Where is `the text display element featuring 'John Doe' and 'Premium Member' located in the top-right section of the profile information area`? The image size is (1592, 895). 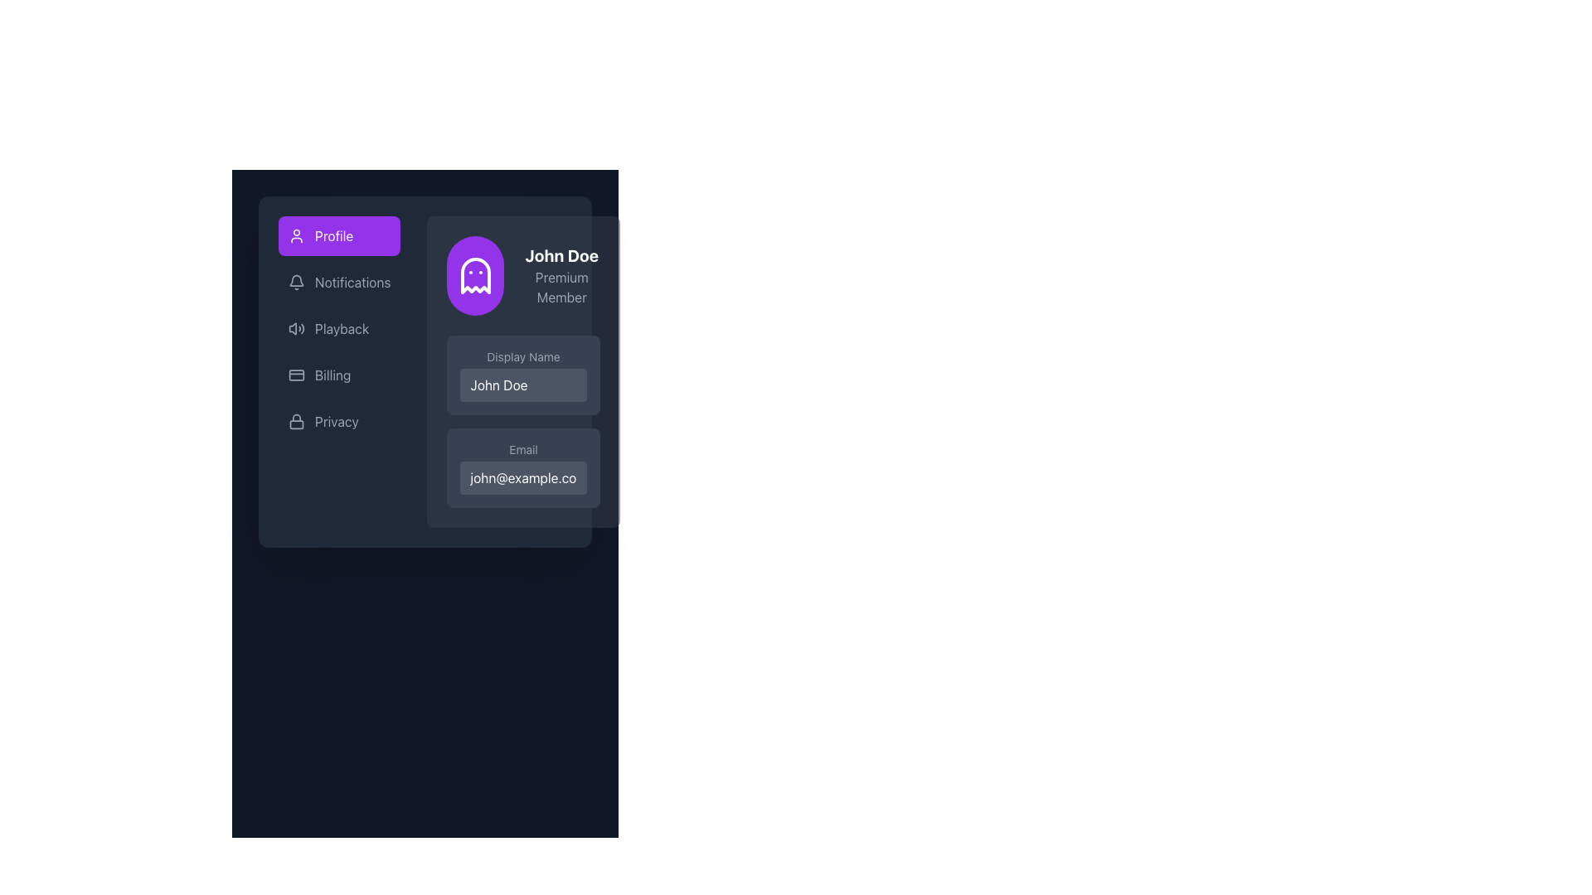 the text display element featuring 'John Doe' and 'Premium Member' located in the top-right section of the profile information area is located at coordinates (561, 274).